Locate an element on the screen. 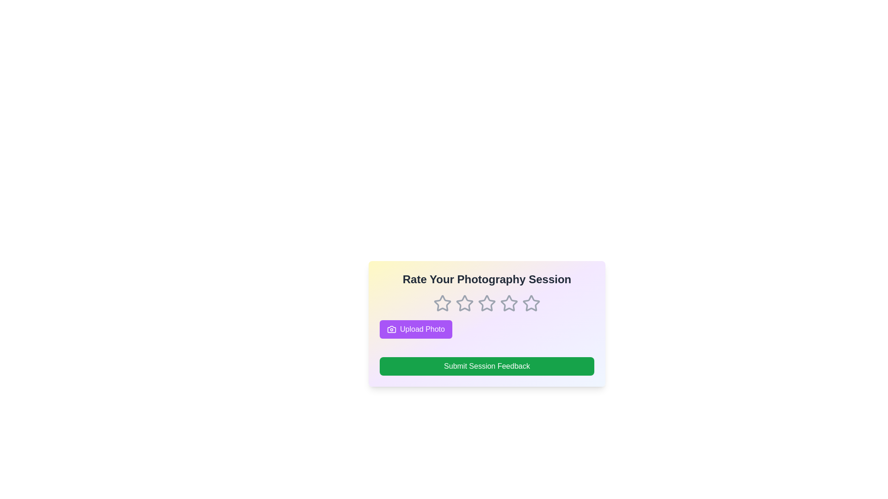 Image resolution: width=888 pixels, height=499 pixels. the rating to 1 stars by clicking on the corresponding star is located at coordinates (442, 303).